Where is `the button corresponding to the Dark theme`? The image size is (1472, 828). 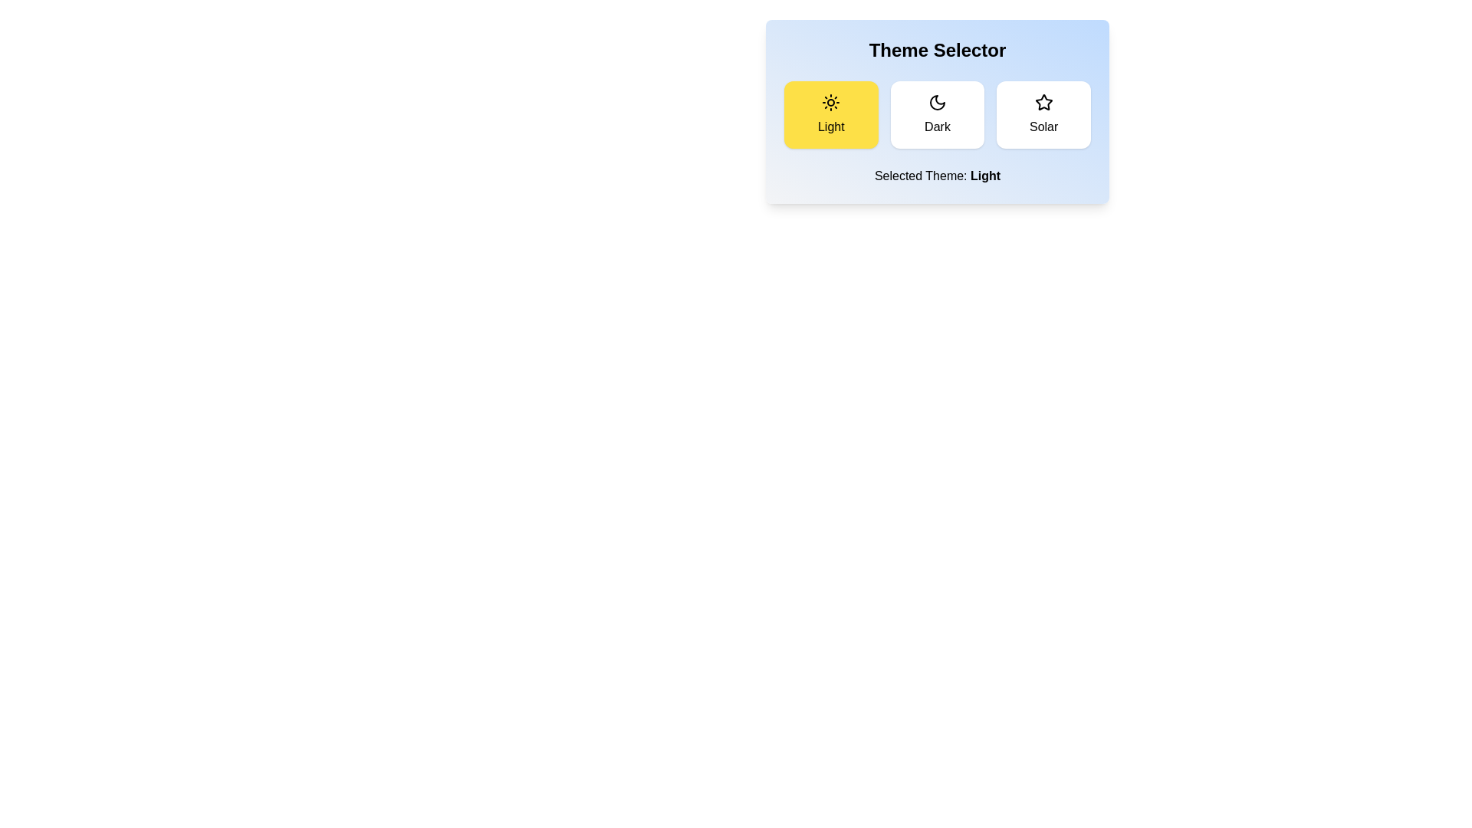 the button corresponding to the Dark theme is located at coordinates (937, 114).